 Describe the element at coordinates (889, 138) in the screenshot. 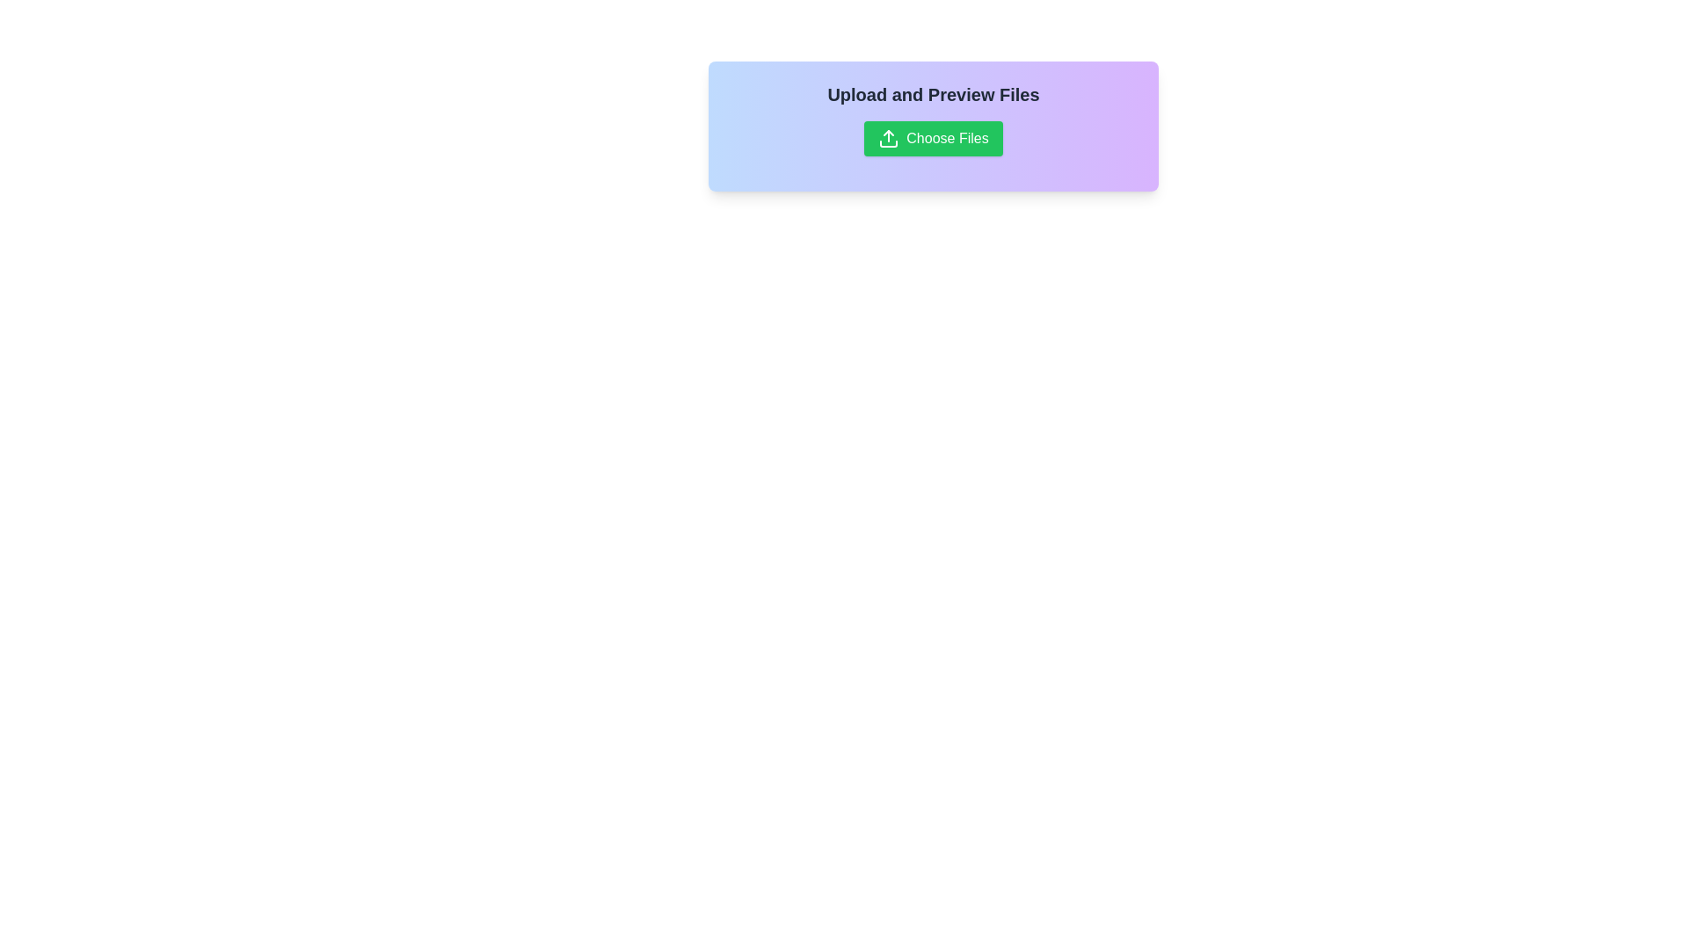

I see `the upload SVG icon, which is positioned to the left of the 'Choose Files' text` at that location.